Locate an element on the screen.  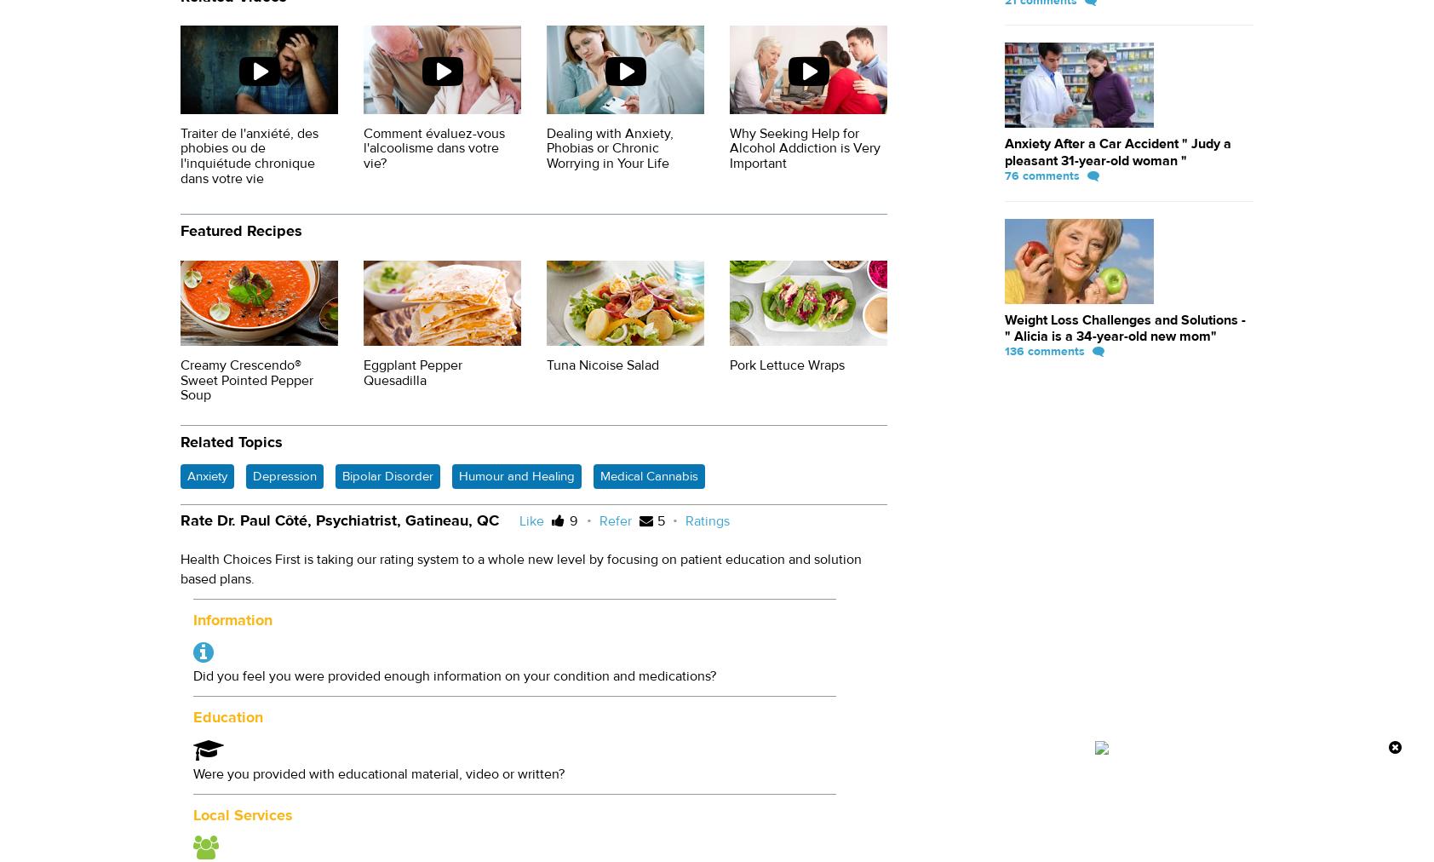
'Did you feel you were provided enough information on your condition and medications?' is located at coordinates (453, 675).